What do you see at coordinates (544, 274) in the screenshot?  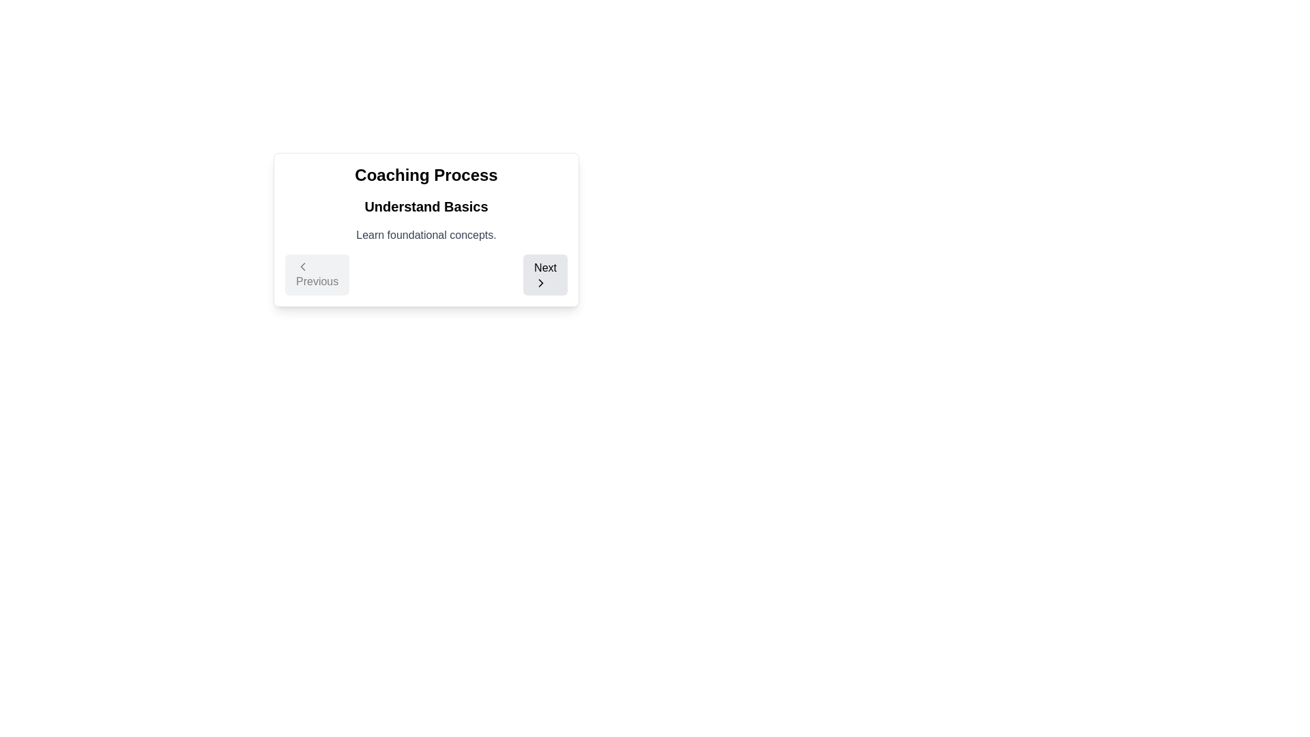 I see `the 'Next' button, which is a rectangular button with a gray background and rounded borders, located in the bottom-right quadrant of the interface` at bounding box center [544, 274].